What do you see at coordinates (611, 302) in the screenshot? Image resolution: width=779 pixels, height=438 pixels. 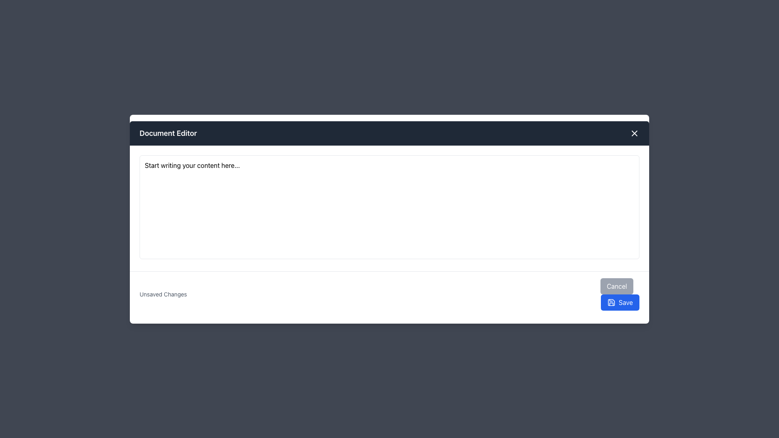 I see `the diskette-shaped save icon located inside the blue 'Save' button in the bottom-right corner of the interface` at bounding box center [611, 302].